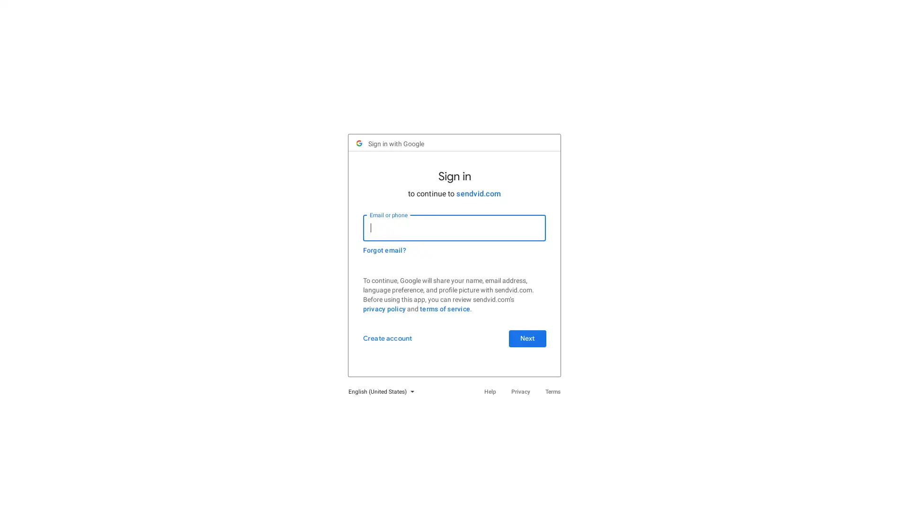 The image size is (909, 511). I want to click on Forgot email?, so click(389, 253).